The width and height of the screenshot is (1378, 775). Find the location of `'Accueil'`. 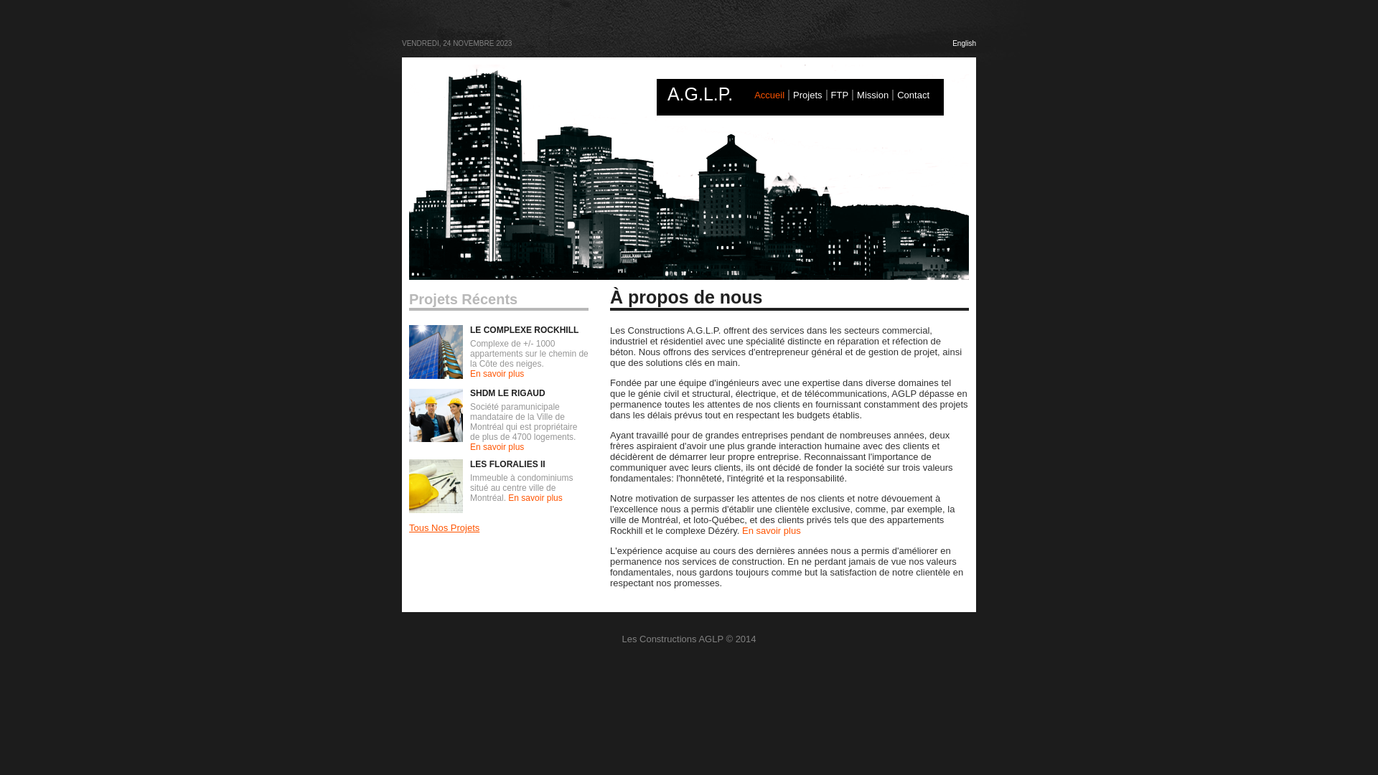

'Accueil' is located at coordinates (768, 95).